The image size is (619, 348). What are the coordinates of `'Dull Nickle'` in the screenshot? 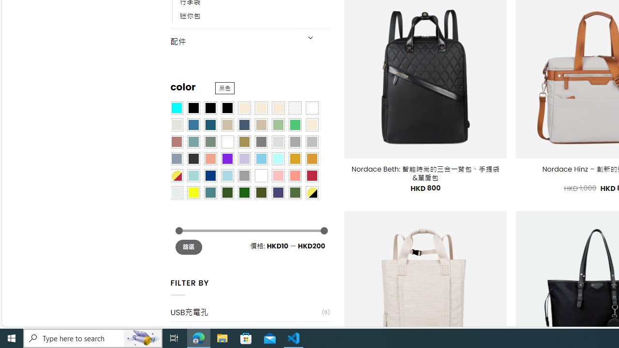 It's located at (176, 192).